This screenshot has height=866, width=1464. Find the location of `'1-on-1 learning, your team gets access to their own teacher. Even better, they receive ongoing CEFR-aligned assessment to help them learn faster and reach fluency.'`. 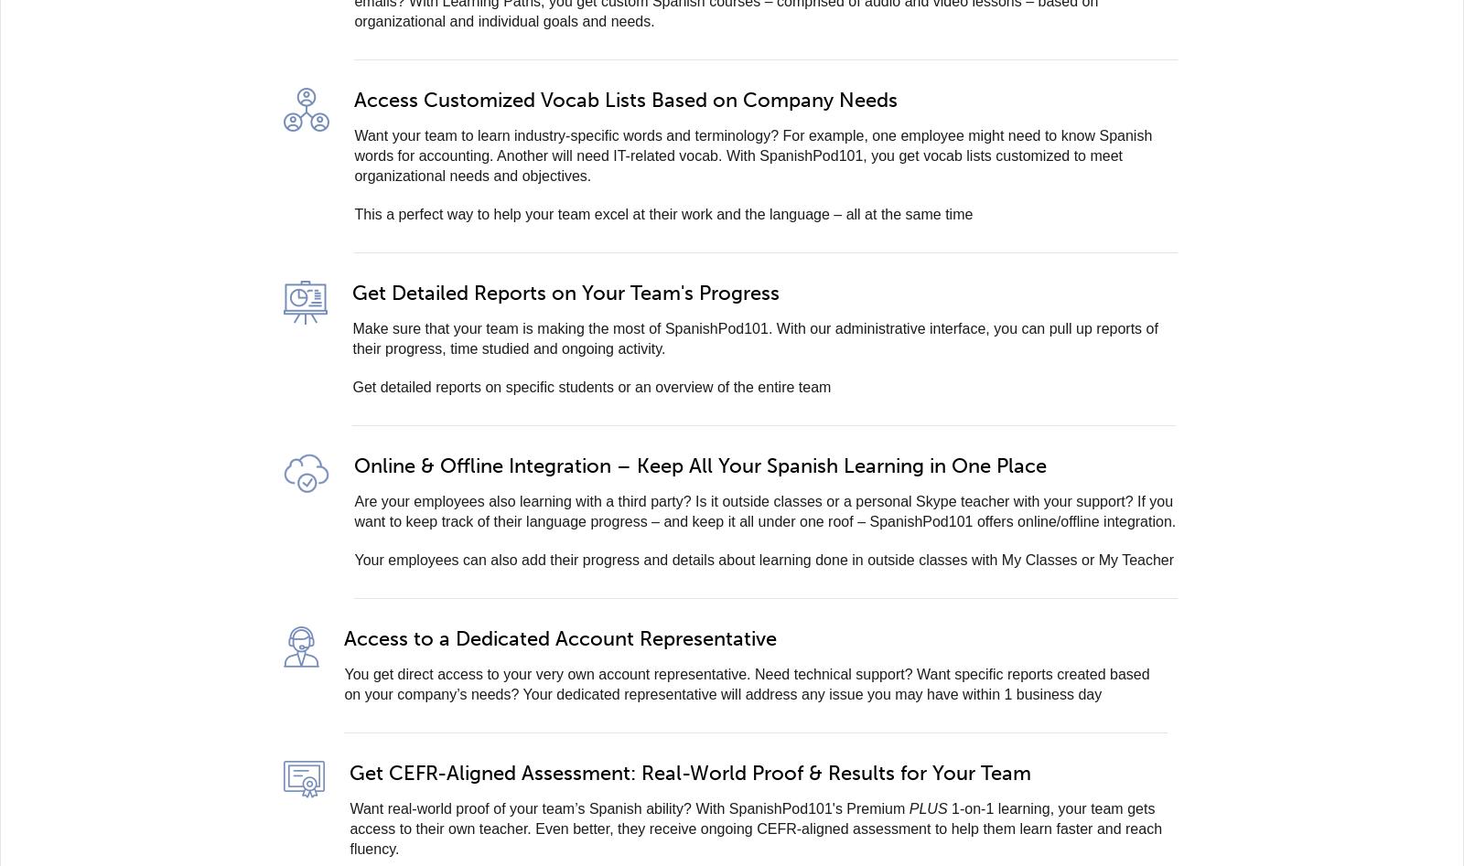

'1-on-1 learning, your team gets access to their own teacher. Even better, they receive ongoing CEFR-aligned assessment to help them learn faster and reach fluency.' is located at coordinates (754, 828).